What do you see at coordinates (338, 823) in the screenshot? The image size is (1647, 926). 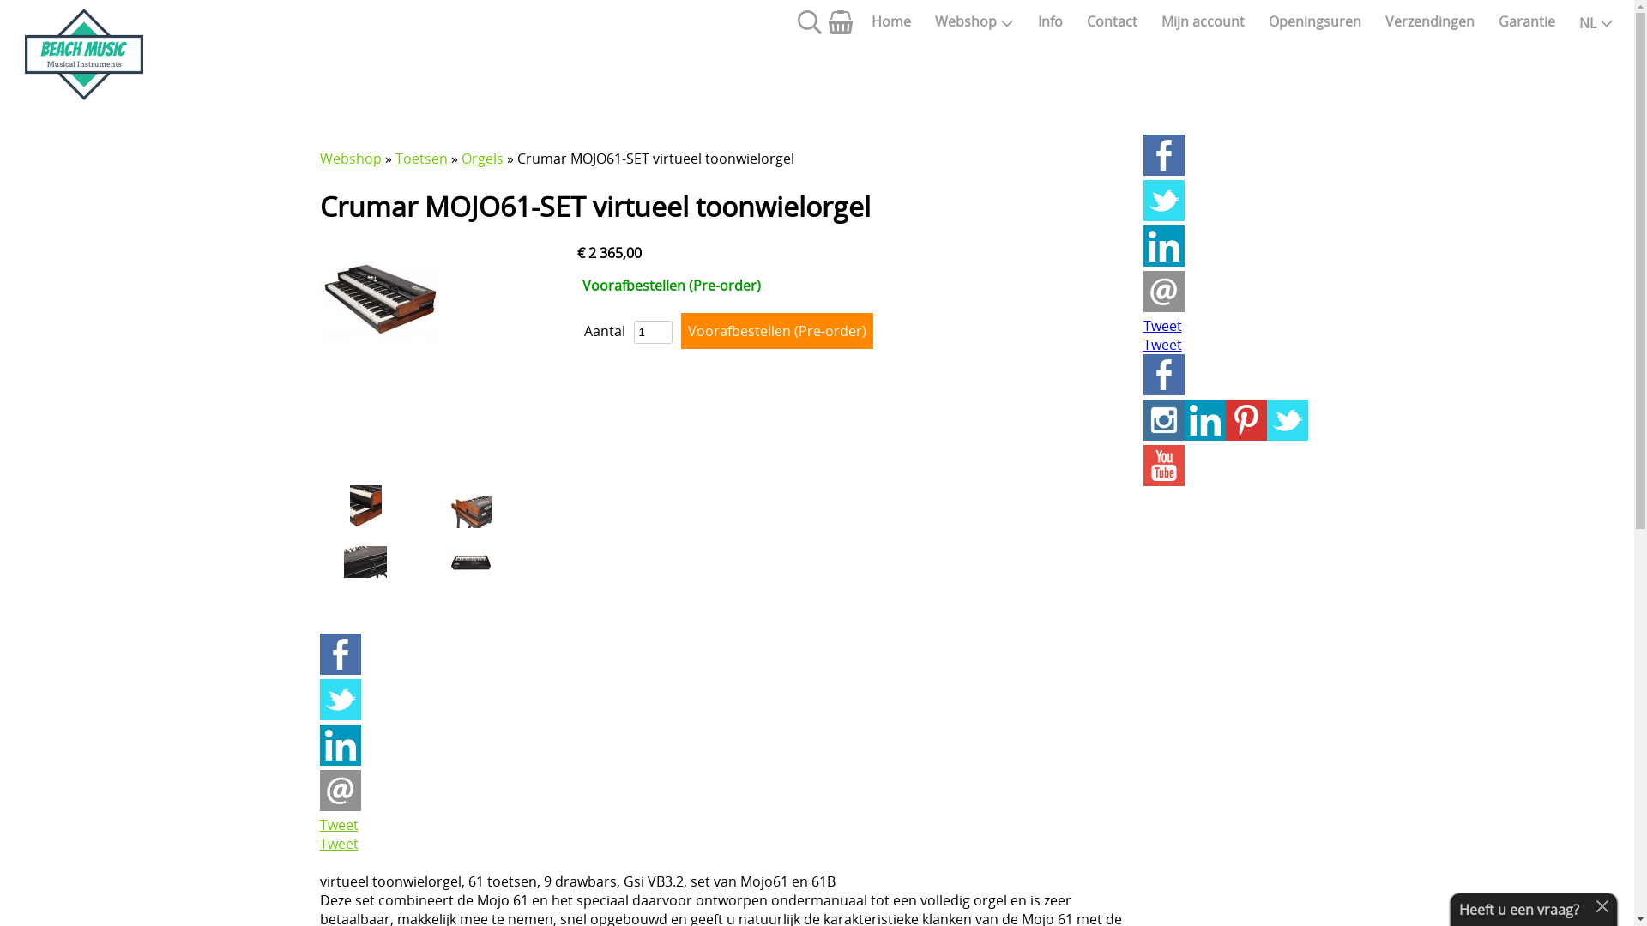 I see `'Tweet'` at bounding box center [338, 823].